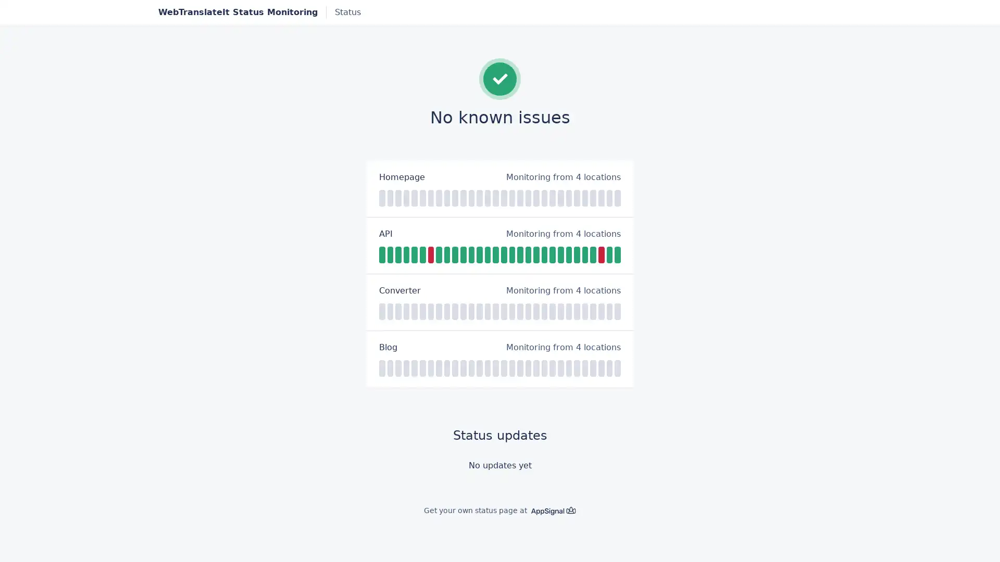  I want to click on Homepage, so click(402, 176).